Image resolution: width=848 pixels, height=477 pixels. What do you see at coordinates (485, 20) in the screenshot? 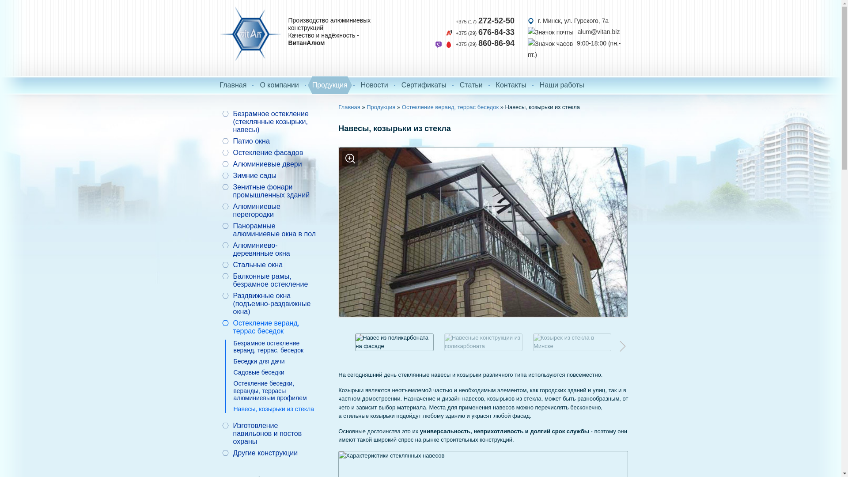
I see `'+375 (17) 272-52-50'` at bounding box center [485, 20].